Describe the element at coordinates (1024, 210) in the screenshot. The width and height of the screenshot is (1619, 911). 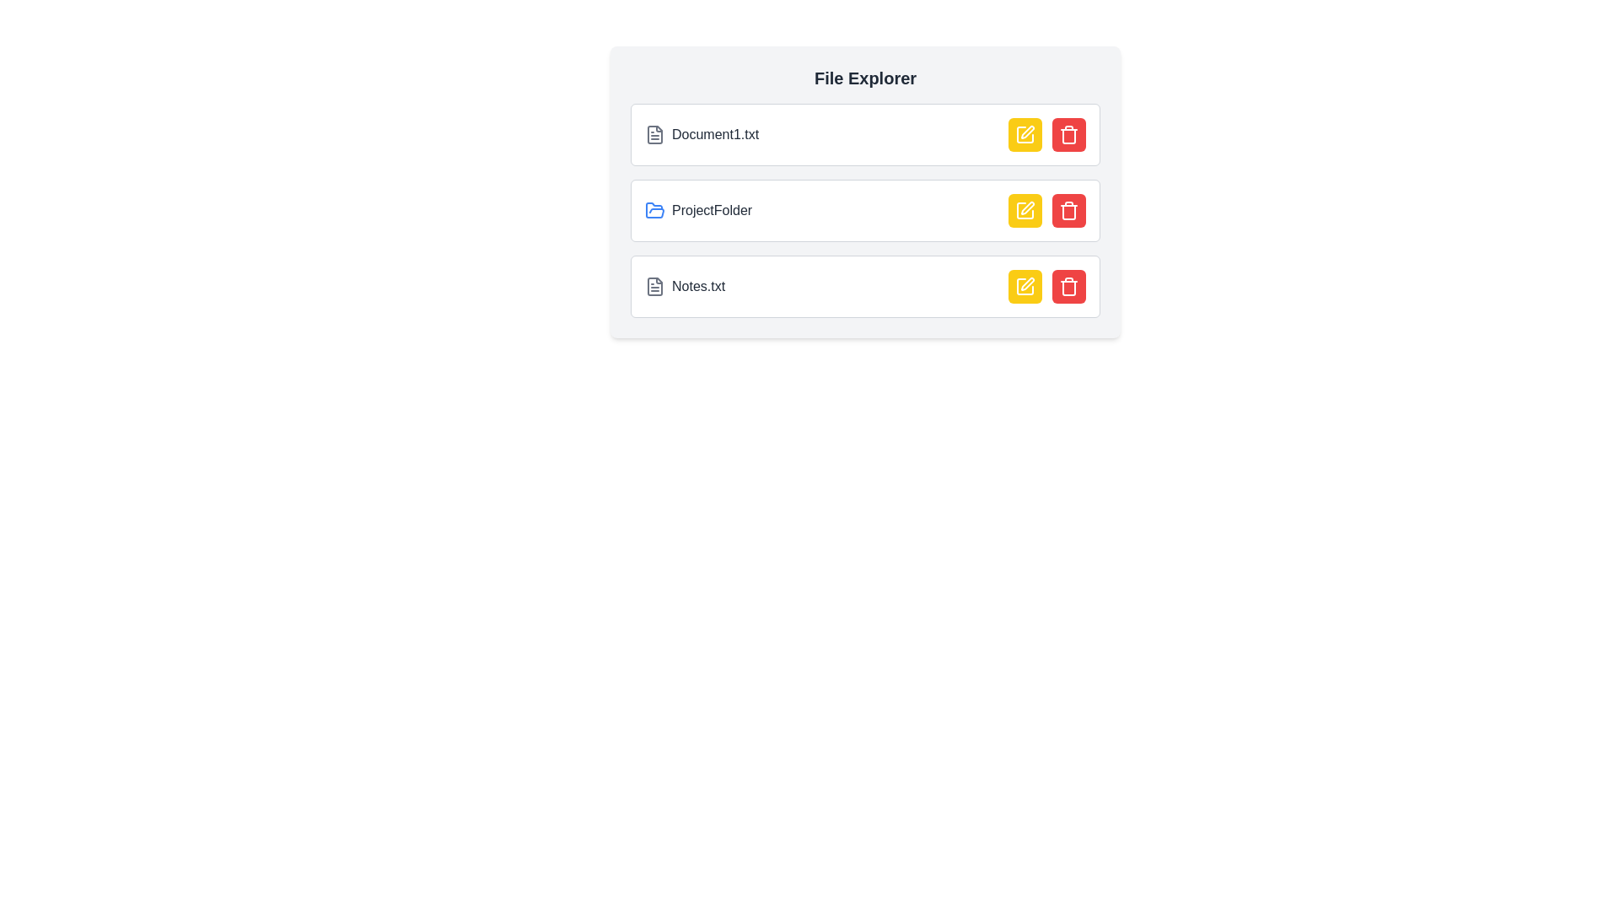
I see `the pen-shaped icon on a yellow circular background located to the right of the 'ProjectFolder' label` at that location.